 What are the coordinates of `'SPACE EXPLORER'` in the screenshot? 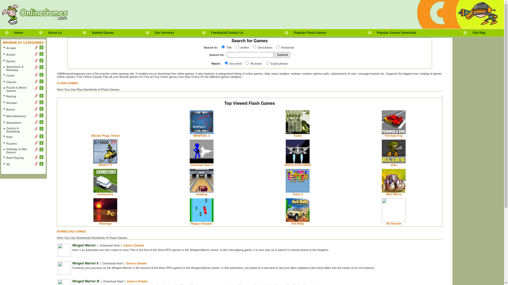 It's located at (298, 164).